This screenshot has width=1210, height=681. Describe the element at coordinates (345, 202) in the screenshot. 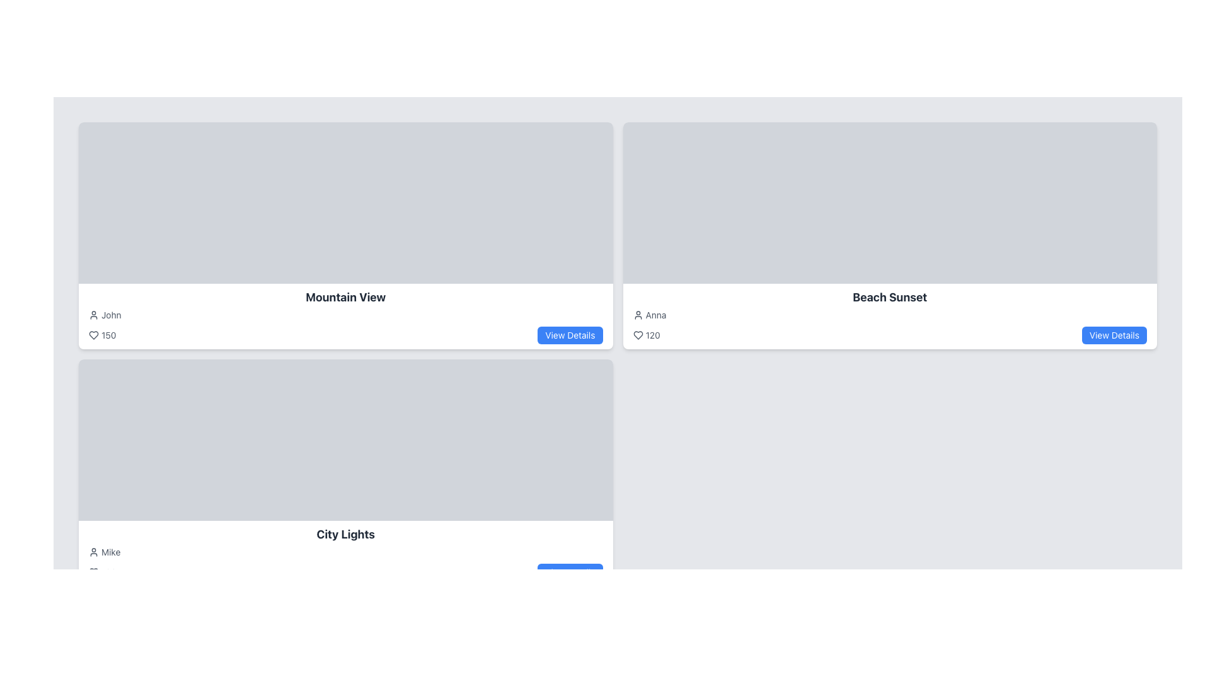

I see `the image placeholder located in the upper part of the 'Mountain View' card component` at that location.